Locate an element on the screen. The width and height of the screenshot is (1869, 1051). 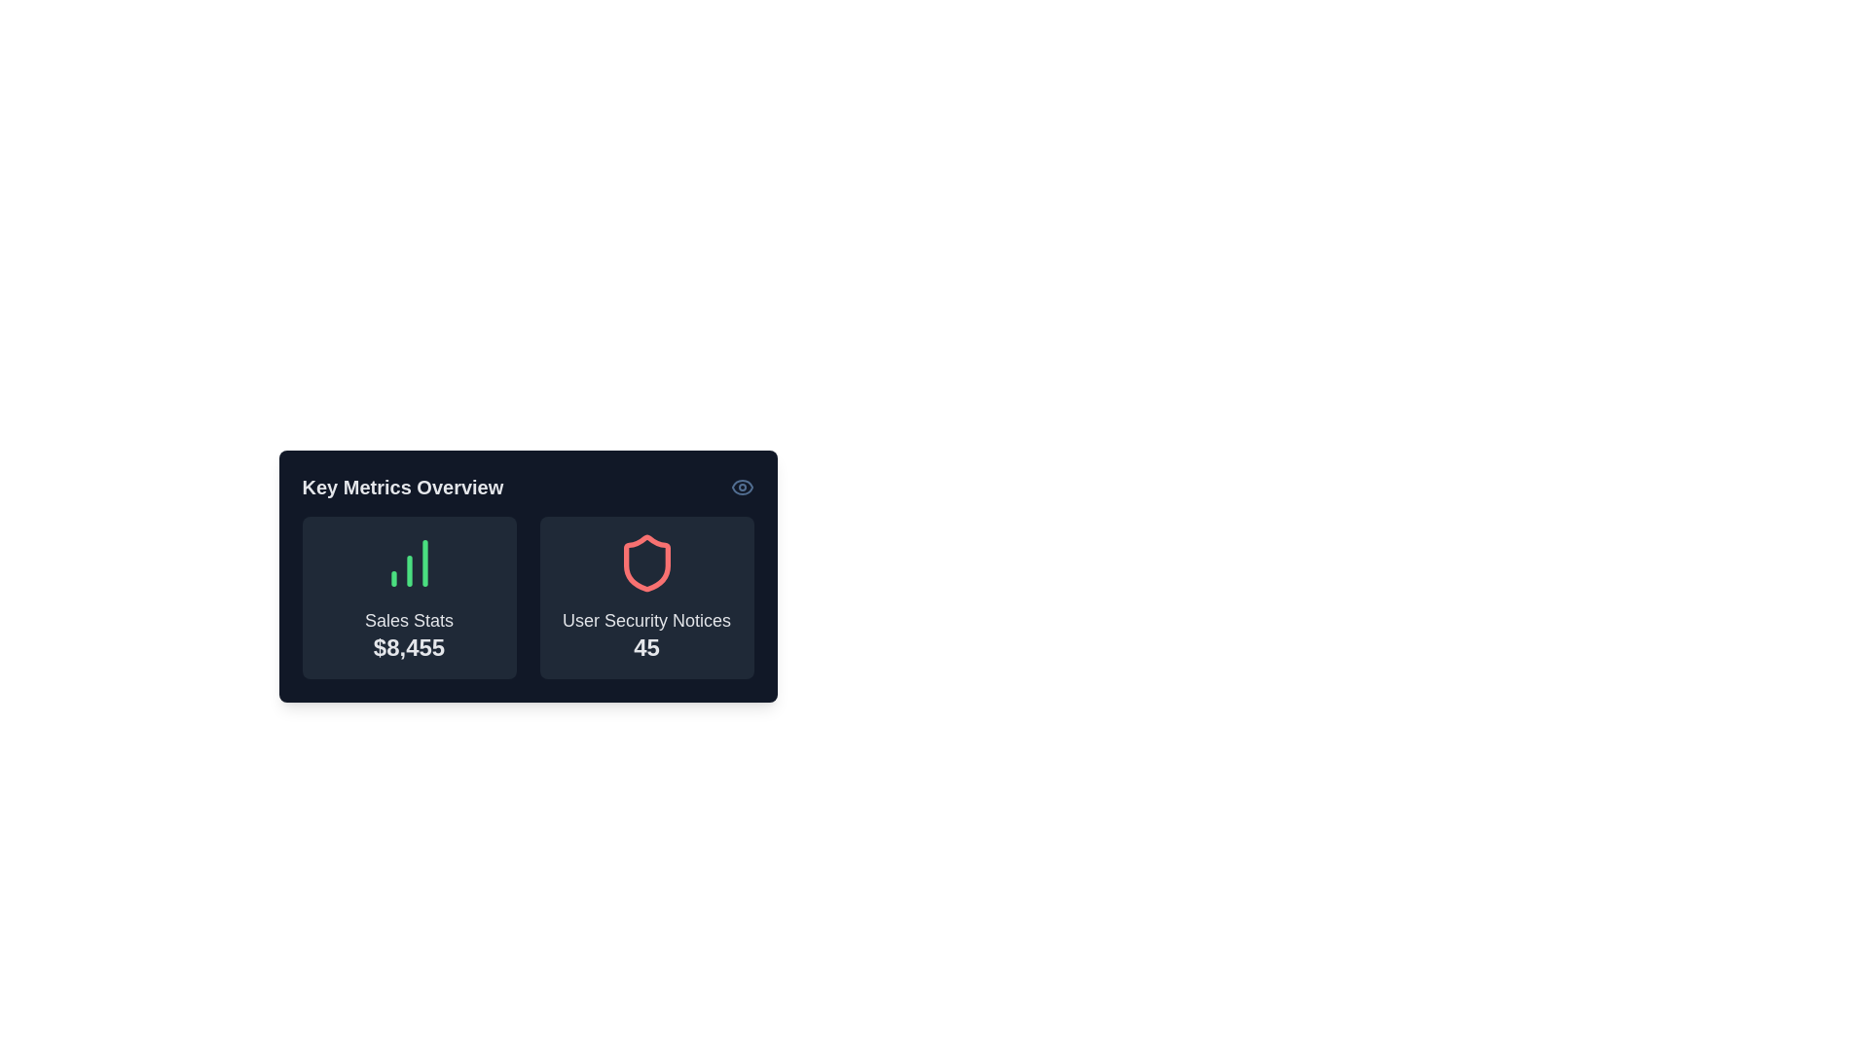
the icon representing the view-related feature located in the 'Key Metrics Overview' section at the top-right corner, adjacent to the title text is located at coordinates (741, 487).